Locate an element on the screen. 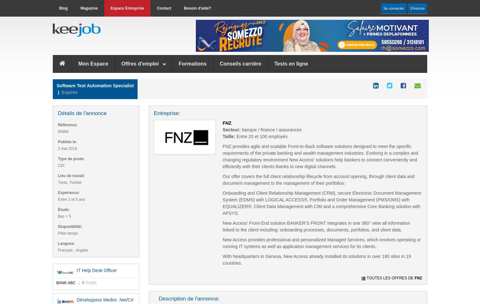  'CDI' is located at coordinates (60, 165).